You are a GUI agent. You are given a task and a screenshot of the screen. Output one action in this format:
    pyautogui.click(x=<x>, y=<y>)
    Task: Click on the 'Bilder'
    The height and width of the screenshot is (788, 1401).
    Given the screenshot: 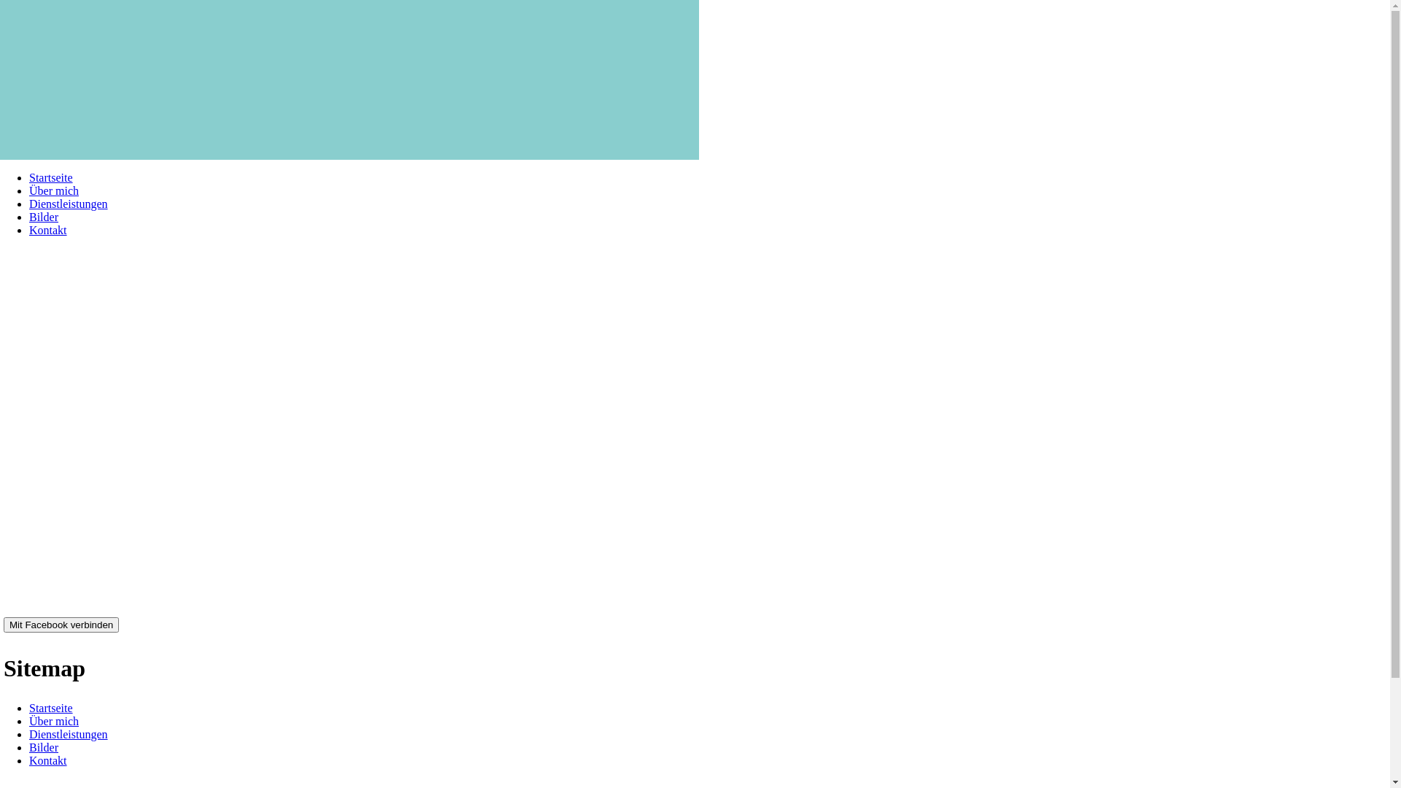 What is the action you would take?
    pyautogui.click(x=43, y=217)
    